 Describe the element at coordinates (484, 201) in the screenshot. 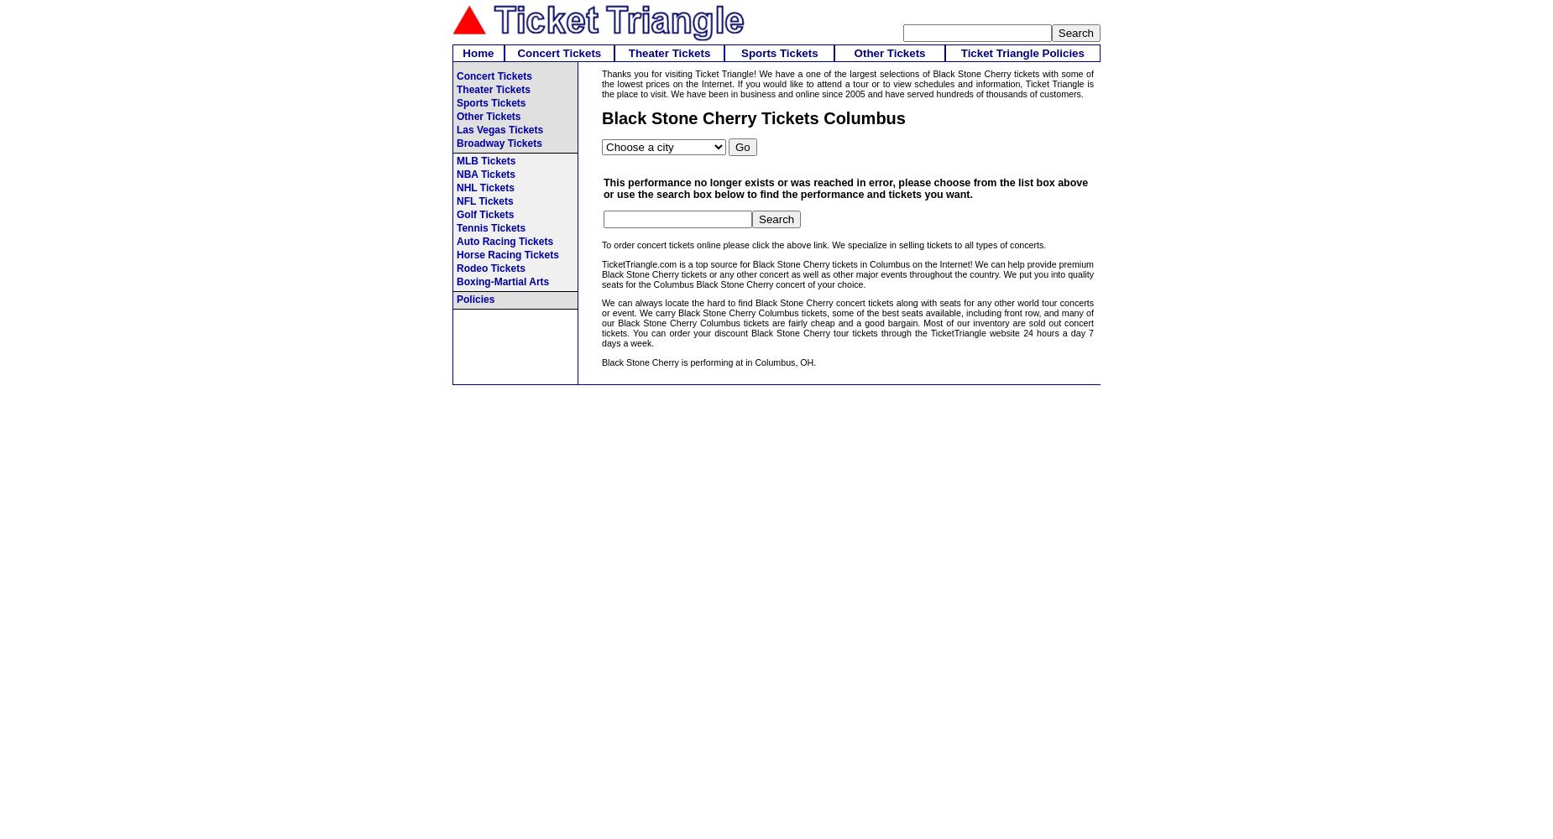

I see `'NFL Tickets'` at that location.